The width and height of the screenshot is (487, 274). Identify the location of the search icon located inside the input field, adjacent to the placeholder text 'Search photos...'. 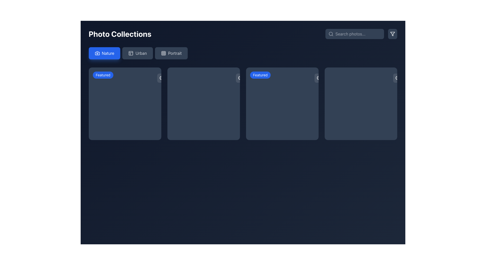
(331, 34).